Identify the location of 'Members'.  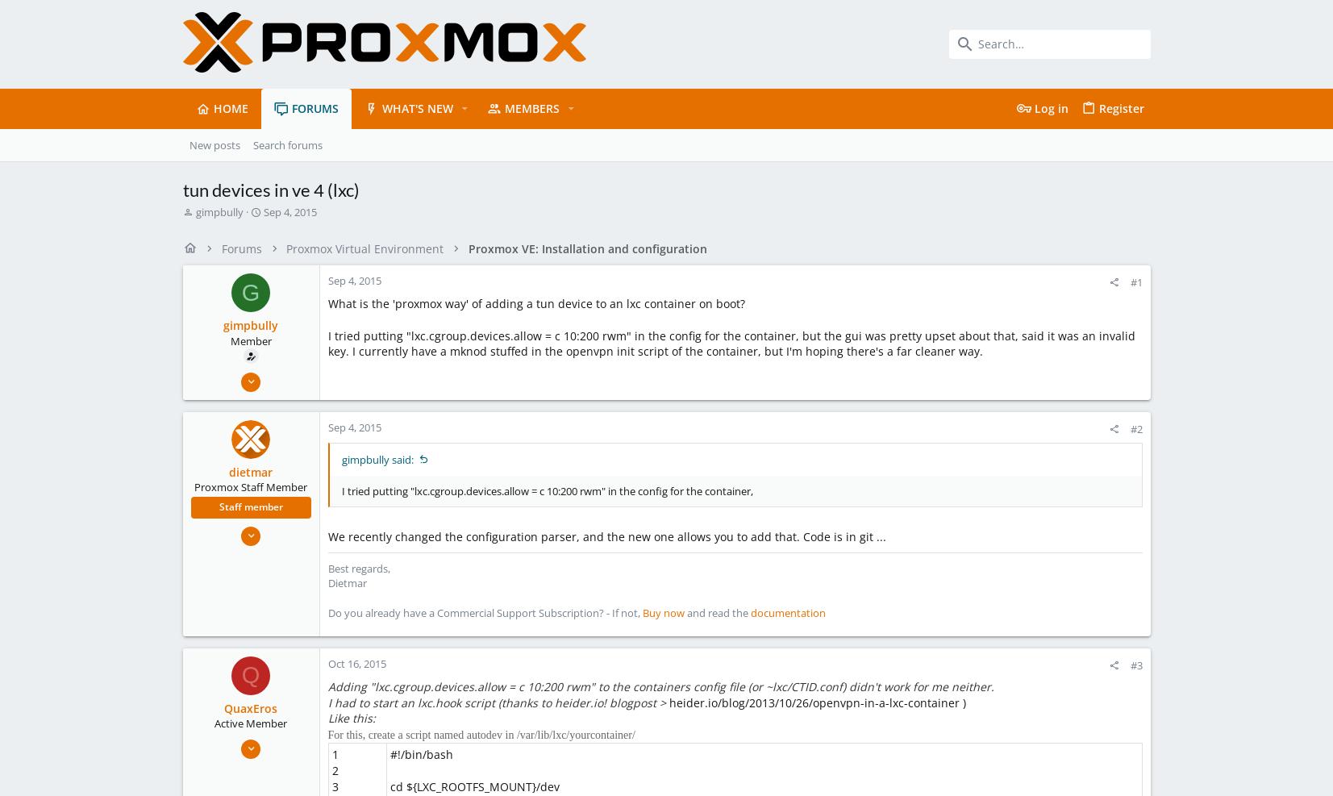
(531, 107).